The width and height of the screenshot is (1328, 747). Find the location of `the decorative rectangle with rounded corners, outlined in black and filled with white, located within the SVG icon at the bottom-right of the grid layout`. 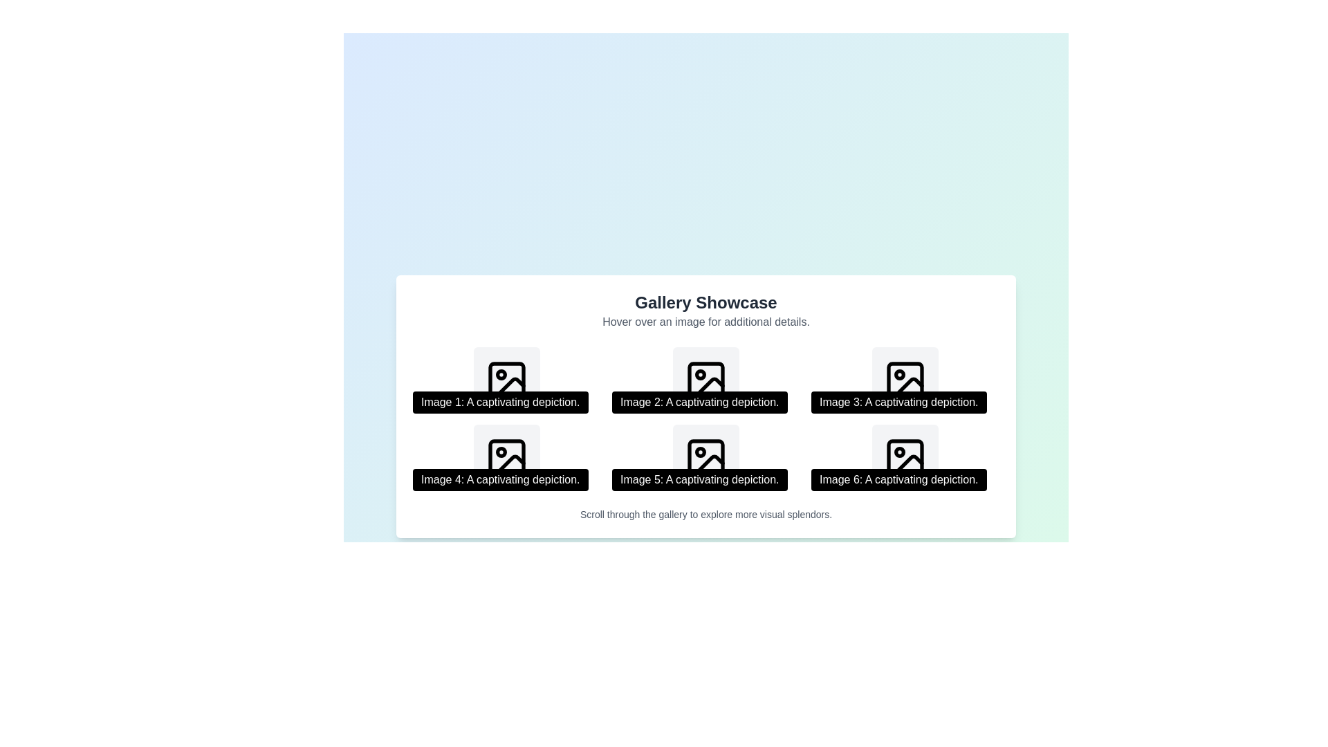

the decorative rectangle with rounded corners, outlined in black and filled with white, located within the SVG icon at the bottom-right of the grid layout is located at coordinates (905, 458).